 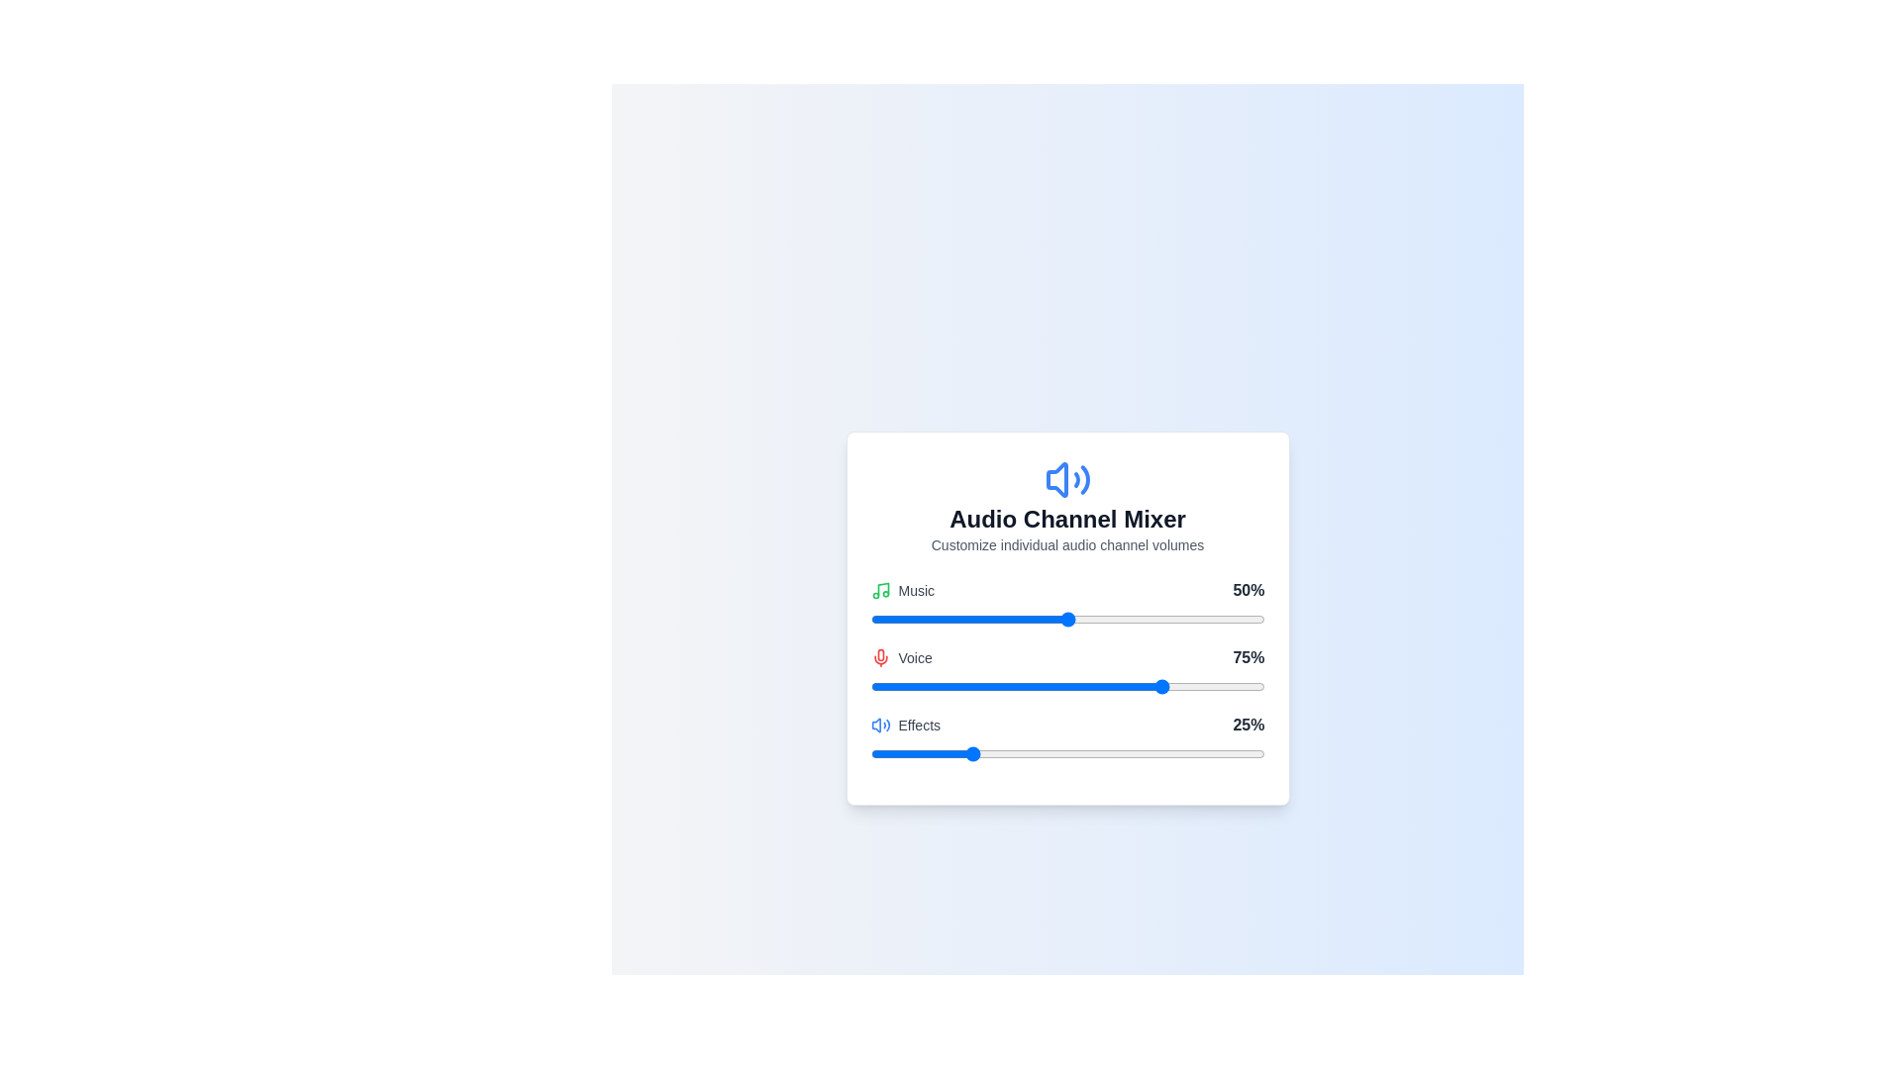 What do you see at coordinates (1158, 618) in the screenshot?
I see `music volume` at bounding box center [1158, 618].